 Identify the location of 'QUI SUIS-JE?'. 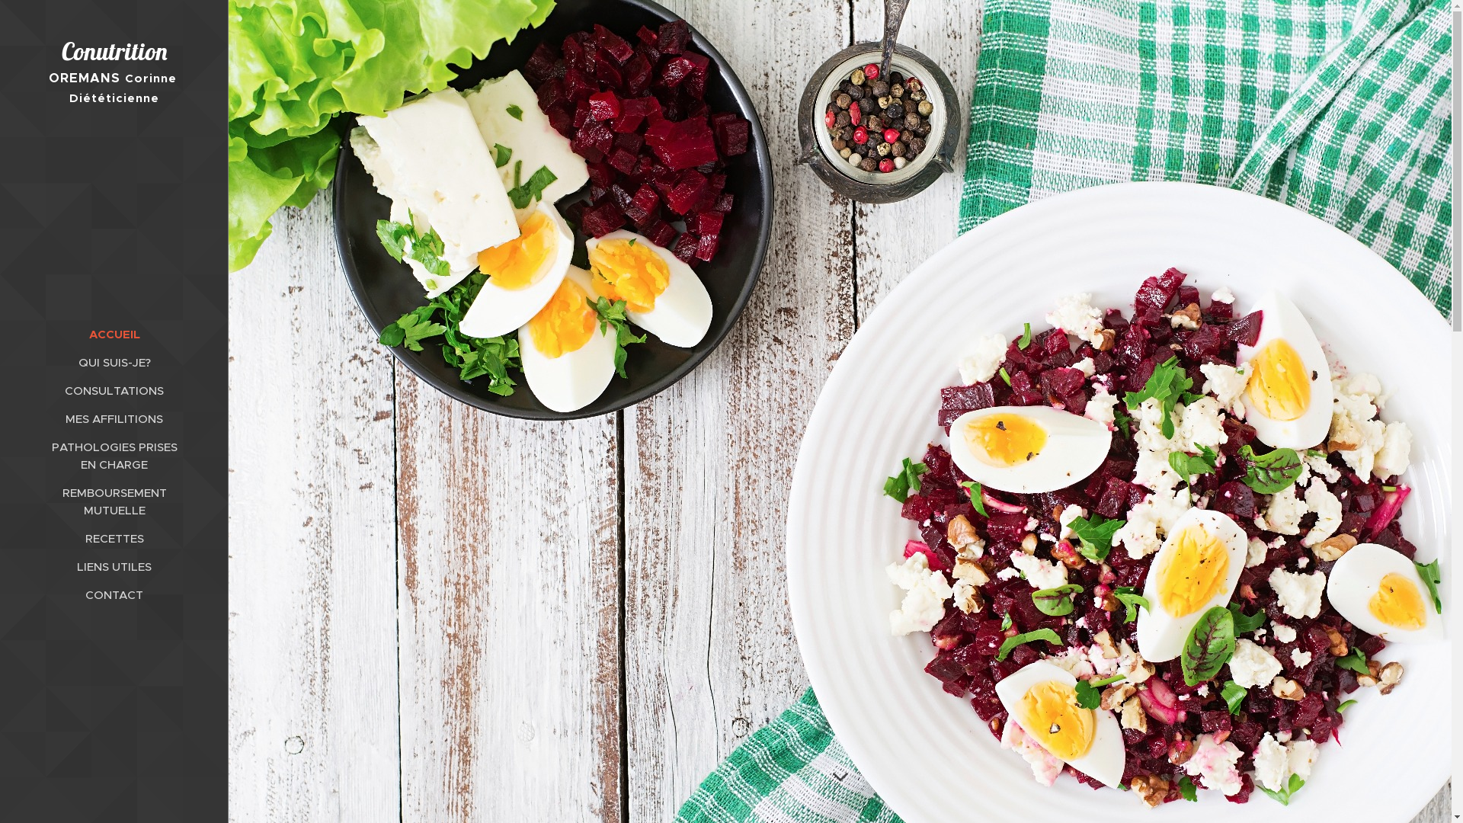
(4, 362).